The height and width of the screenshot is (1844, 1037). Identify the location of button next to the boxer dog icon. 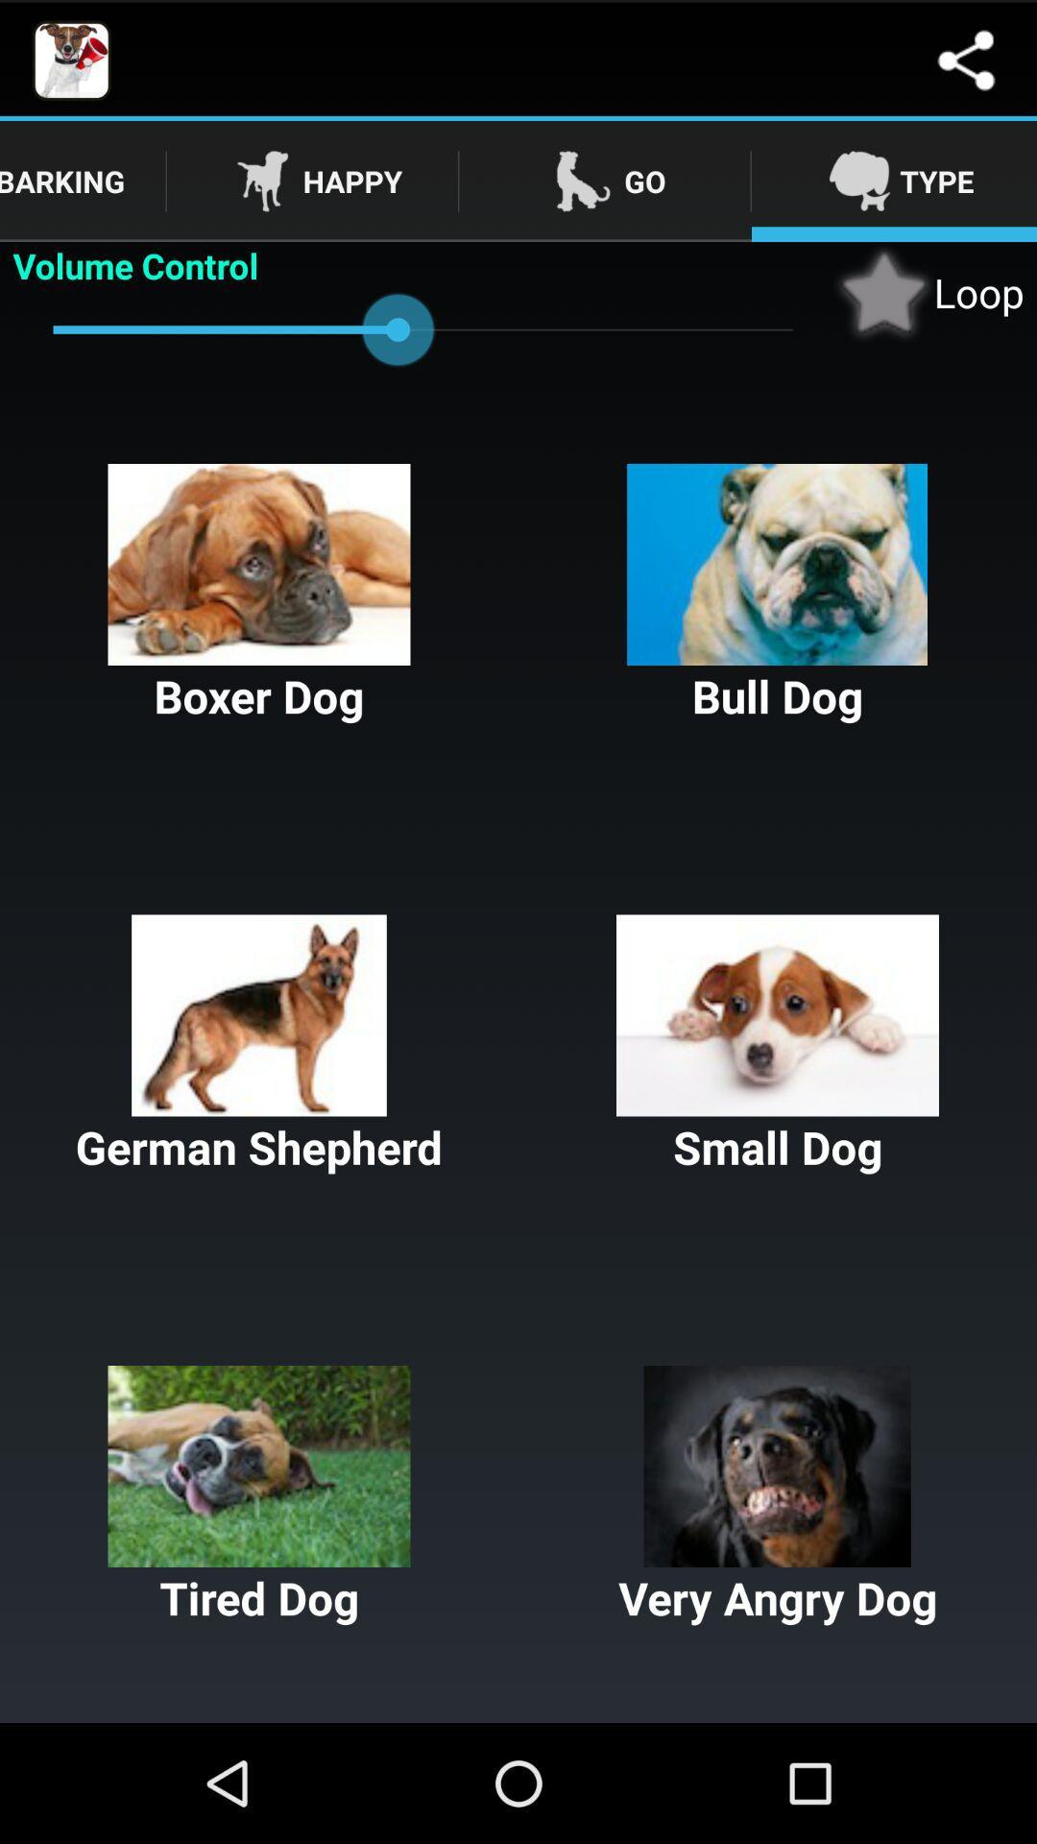
(778, 594).